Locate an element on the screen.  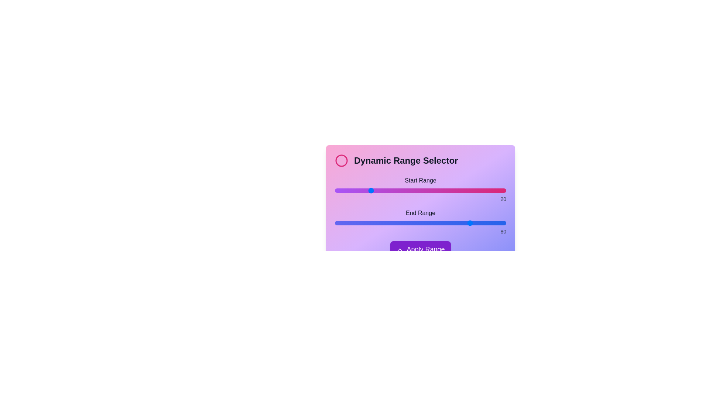
the 'Apply Range' button to submit the selected range is located at coordinates (420, 249).